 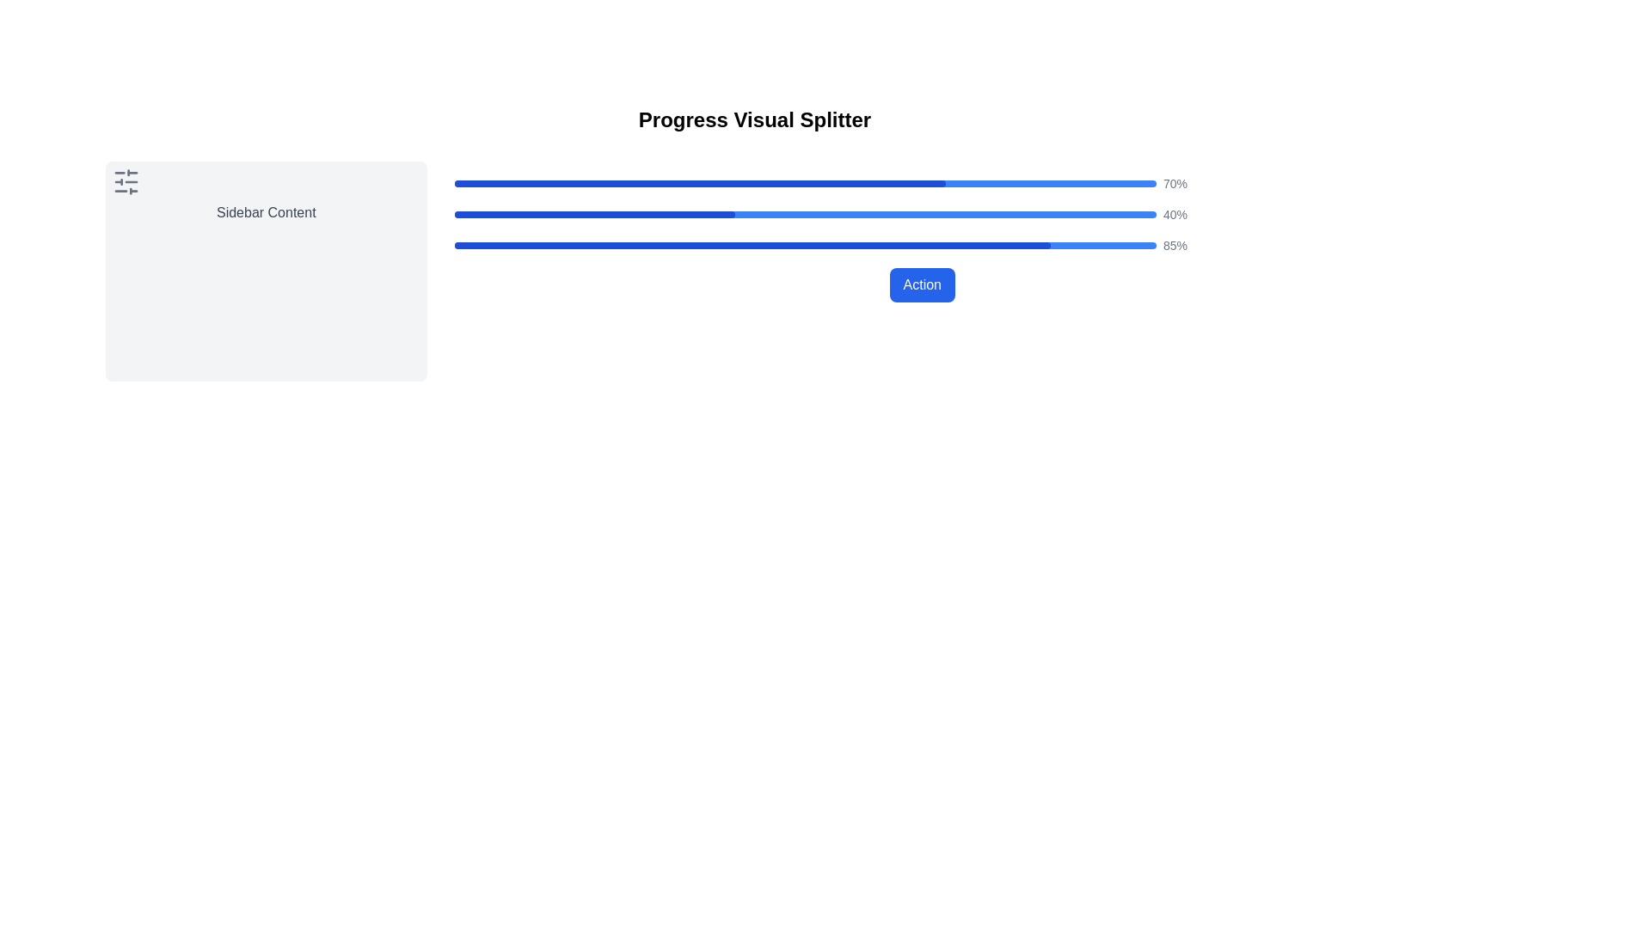 I want to click on the text label displaying '70%' in a small gray font, located to the right of the blue progress bar in the top row of progress bars, so click(x=1174, y=183).